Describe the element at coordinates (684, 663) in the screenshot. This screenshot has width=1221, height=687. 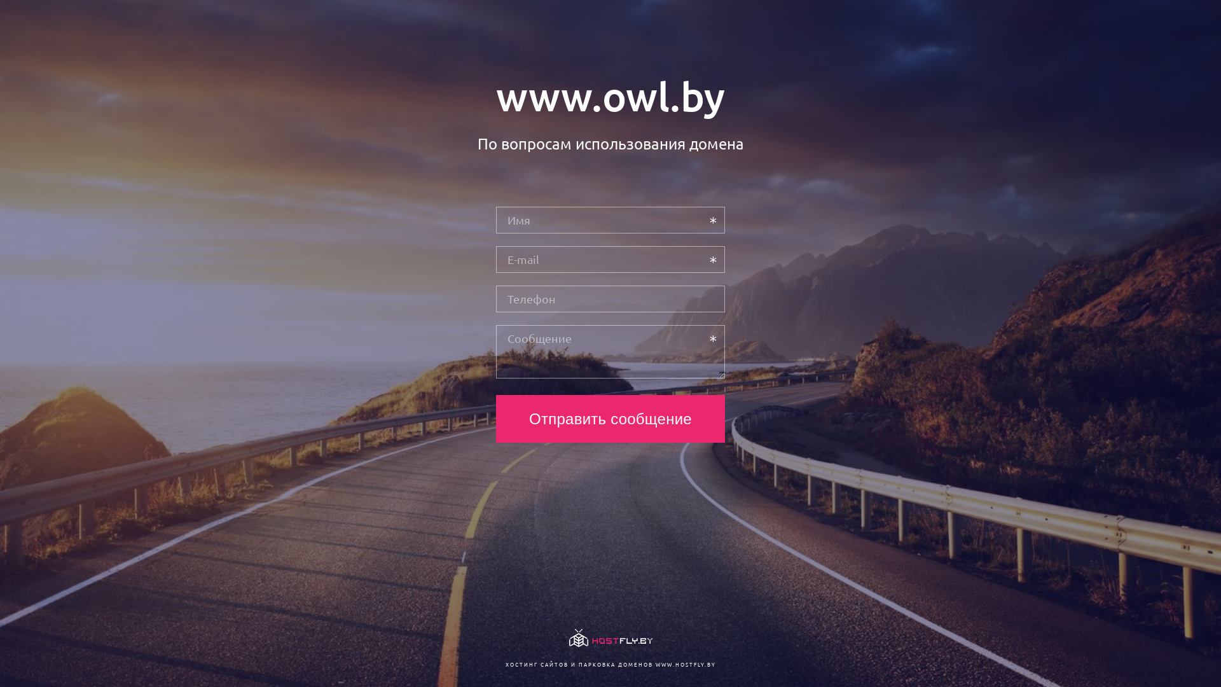
I see `'WWW.HOSTFLY.BY'` at that location.